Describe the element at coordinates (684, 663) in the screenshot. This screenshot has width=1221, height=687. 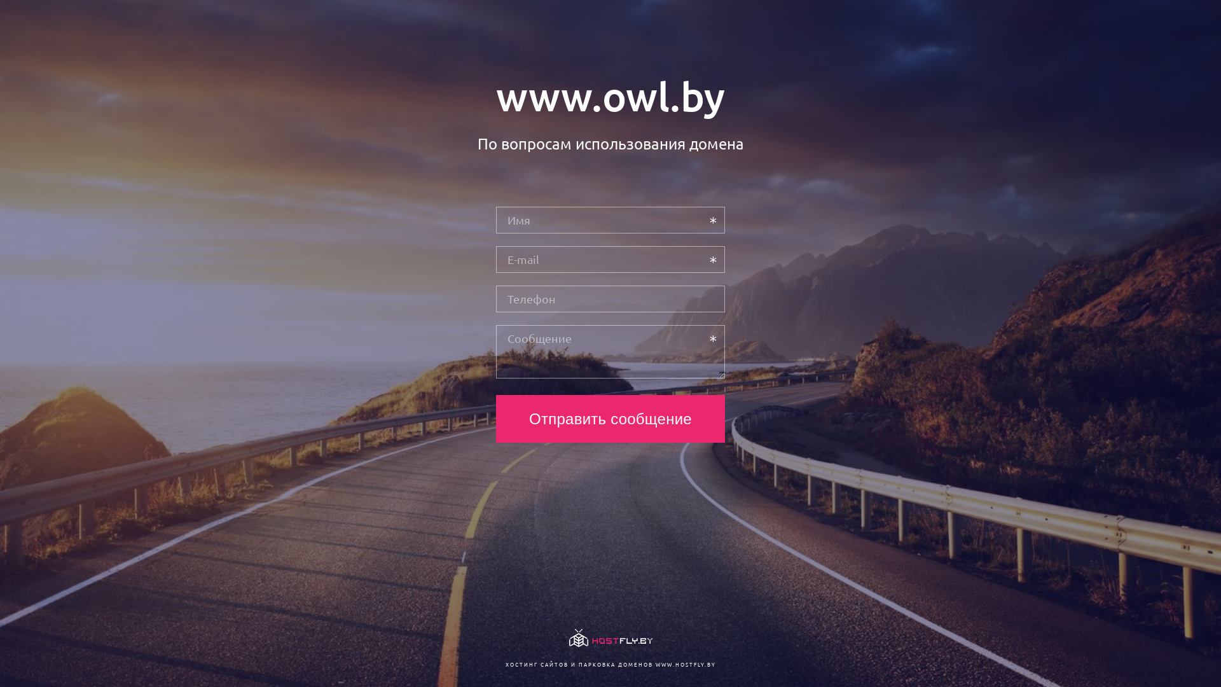
I see `'WWW.HOSTFLY.BY'` at that location.